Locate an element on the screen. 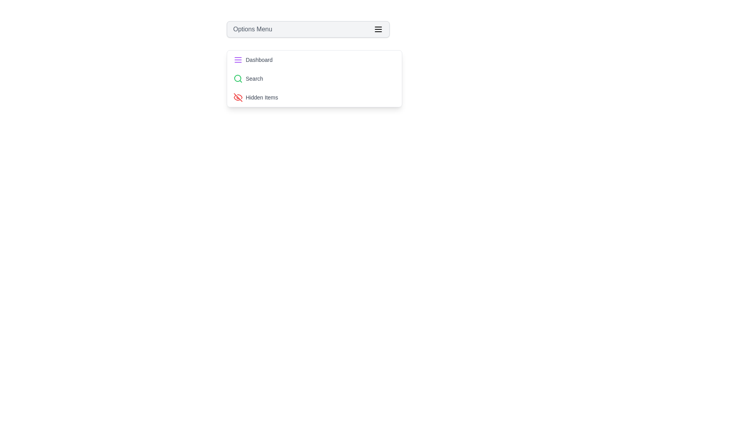 This screenshot has width=752, height=423. the 'Dashboard' text label in the options menu, which is the first item in a vertical list and appears alongside an icon is located at coordinates (259, 60).